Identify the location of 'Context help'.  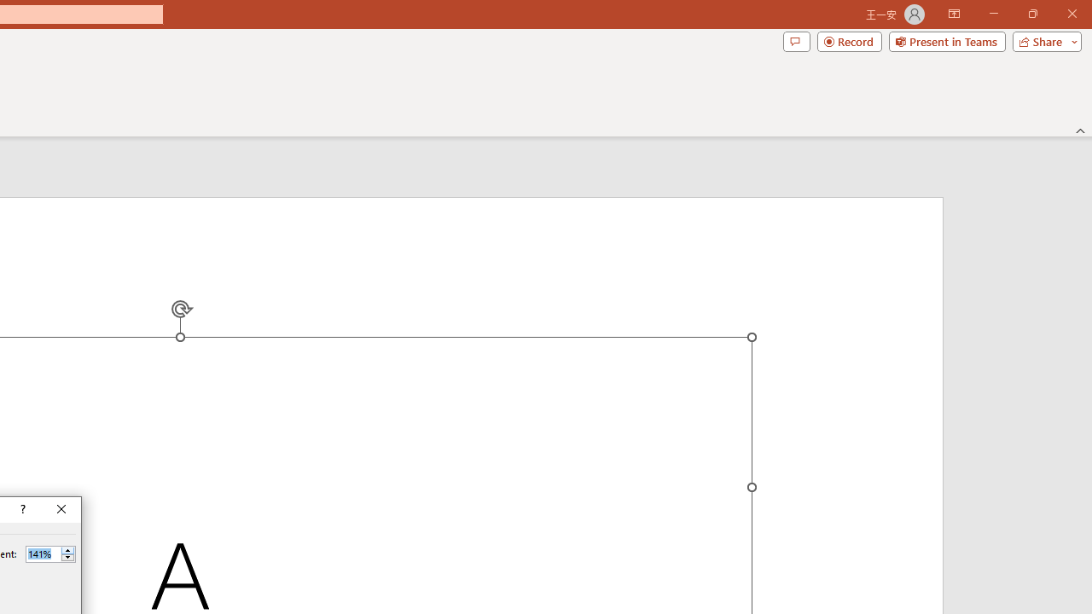
(21, 508).